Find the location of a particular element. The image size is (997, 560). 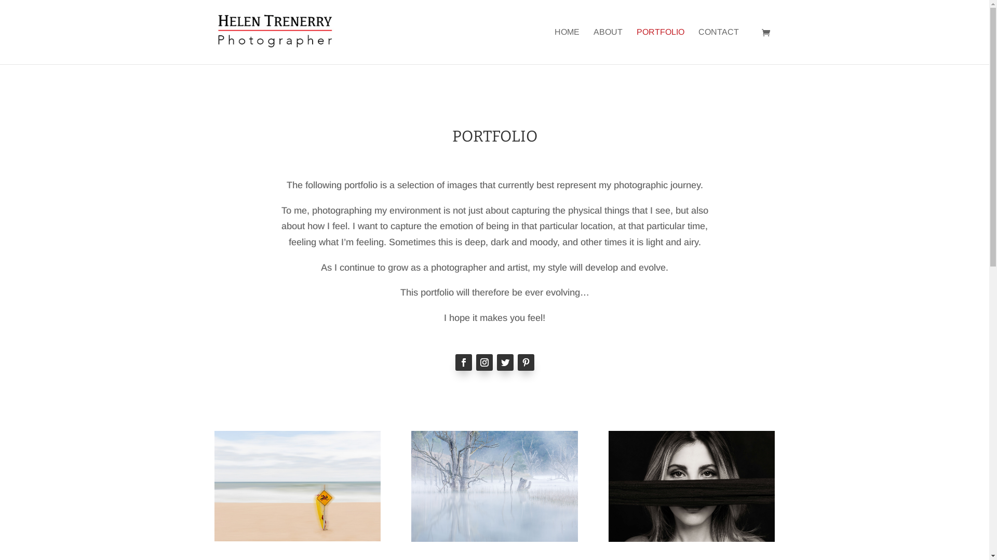

'Follow on Pinterest' is located at coordinates (526, 361).